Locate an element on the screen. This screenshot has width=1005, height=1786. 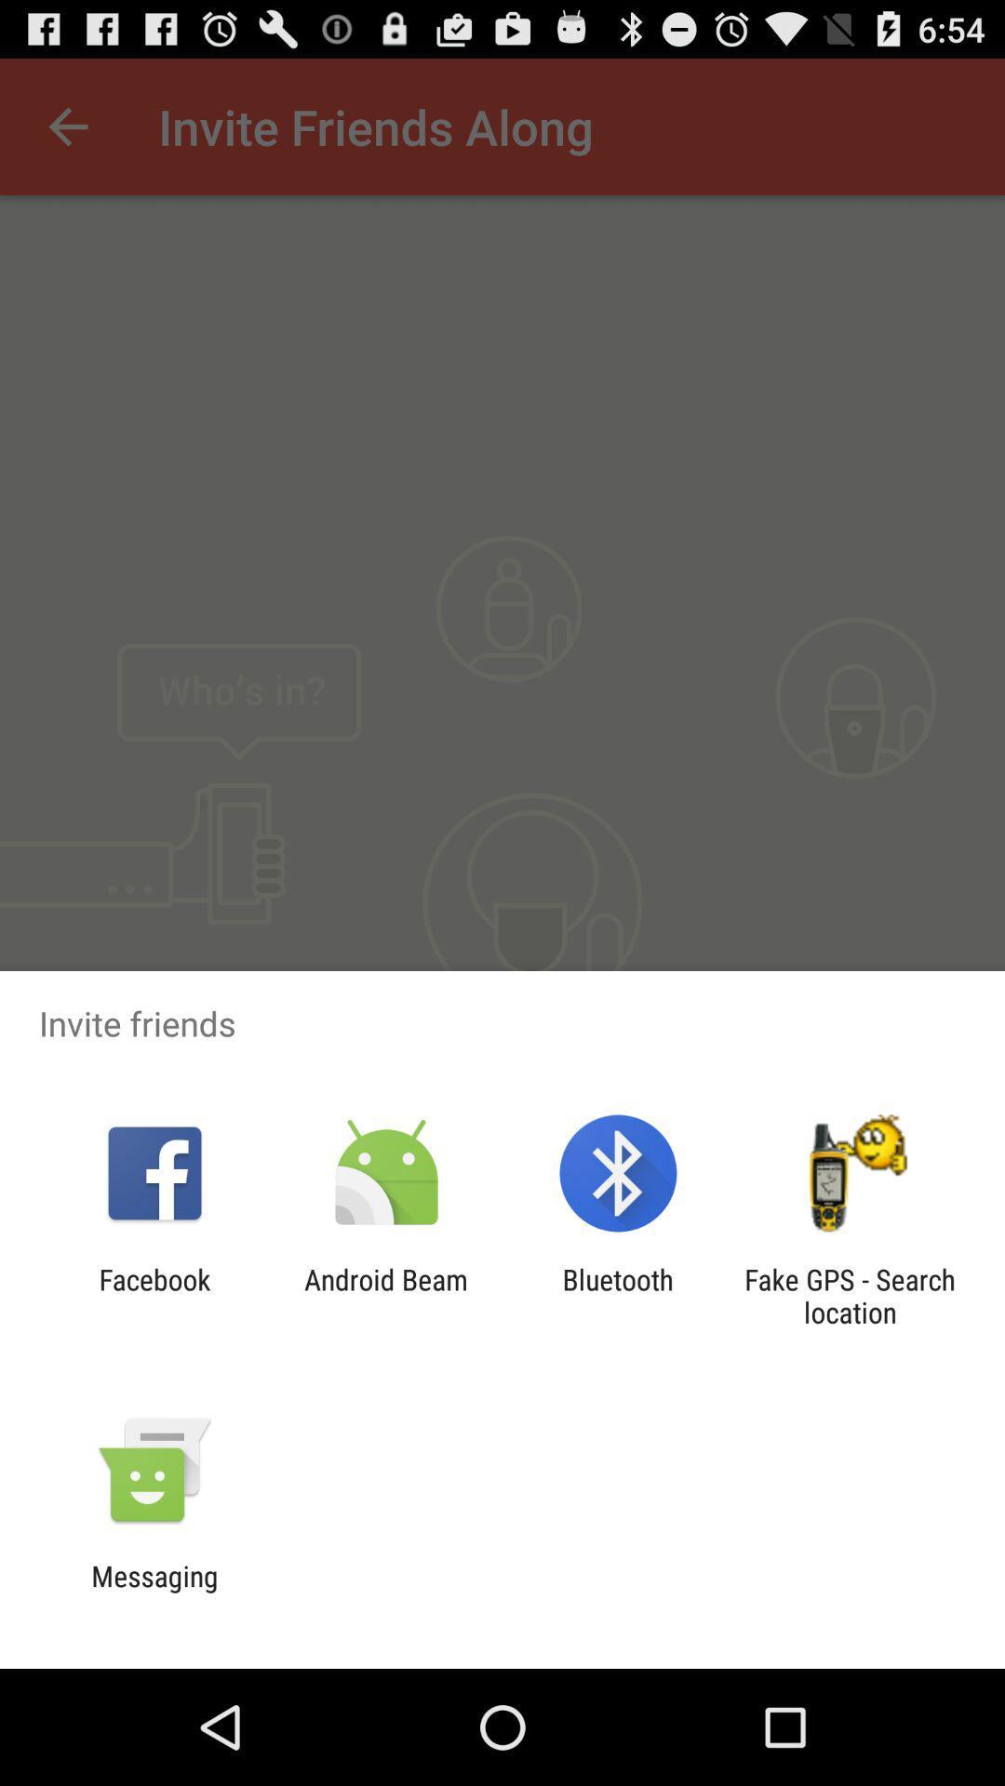
app to the left of the bluetooth item is located at coordinates (385, 1295).